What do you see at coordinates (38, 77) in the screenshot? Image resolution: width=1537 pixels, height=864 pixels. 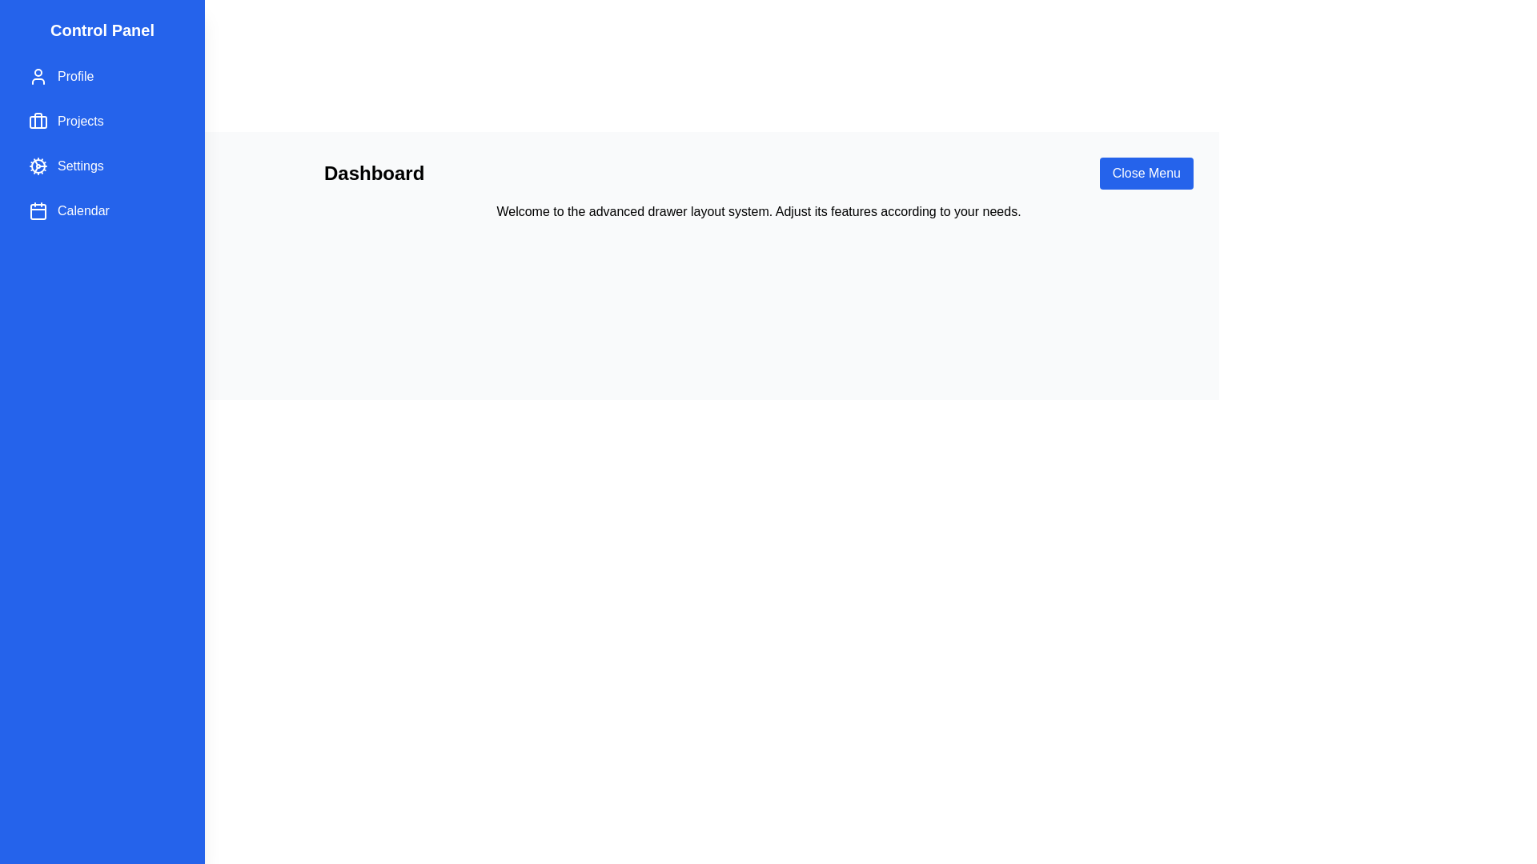 I see `the navigation SVG icon located to the left of the 'Profile' text in the sidebar` at bounding box center [38, 77].